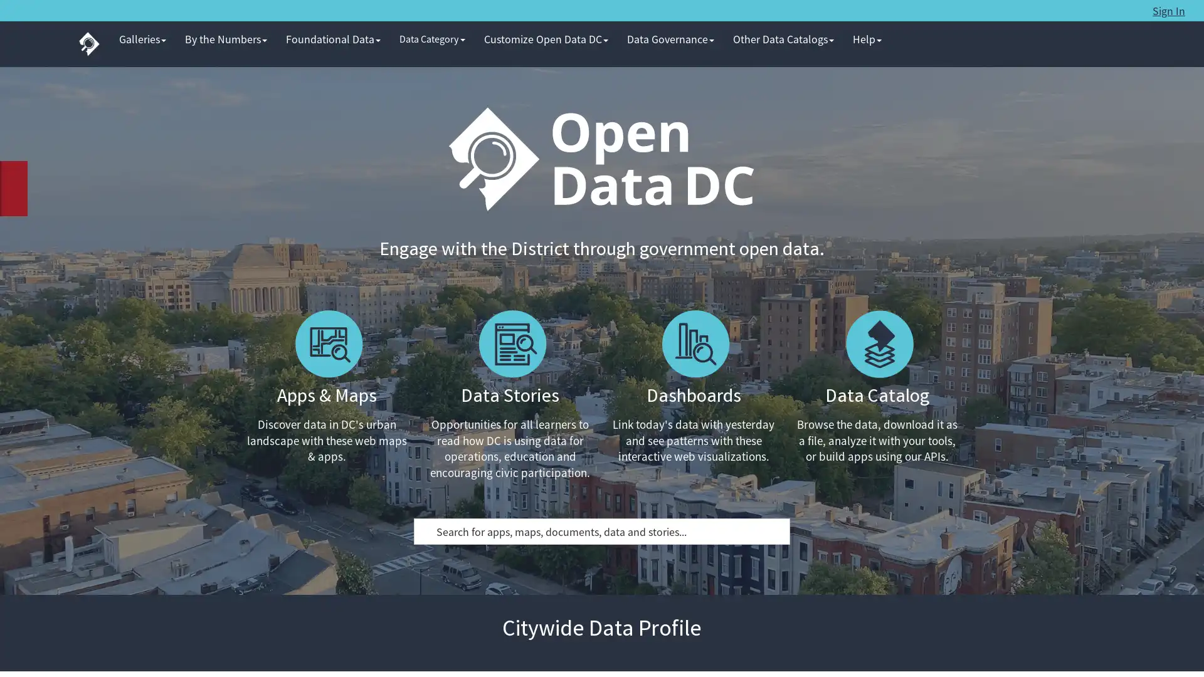 This screenshot has width=1204, height=677. Describe the element at coordinates (1126, 10) in the screenshot. I see `search` at that location.